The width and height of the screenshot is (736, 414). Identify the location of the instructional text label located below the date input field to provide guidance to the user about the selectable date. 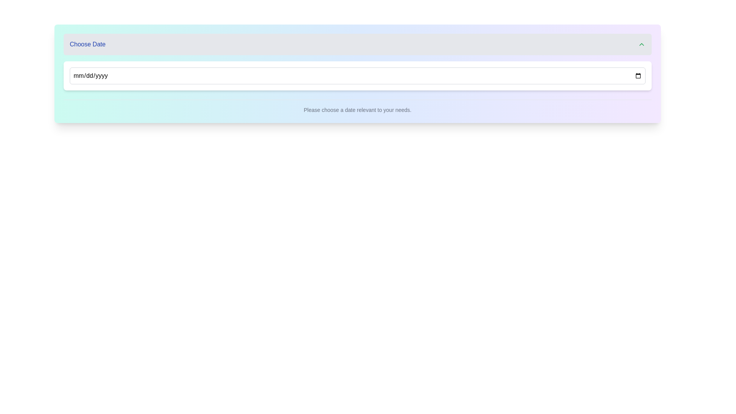
(357, 107).